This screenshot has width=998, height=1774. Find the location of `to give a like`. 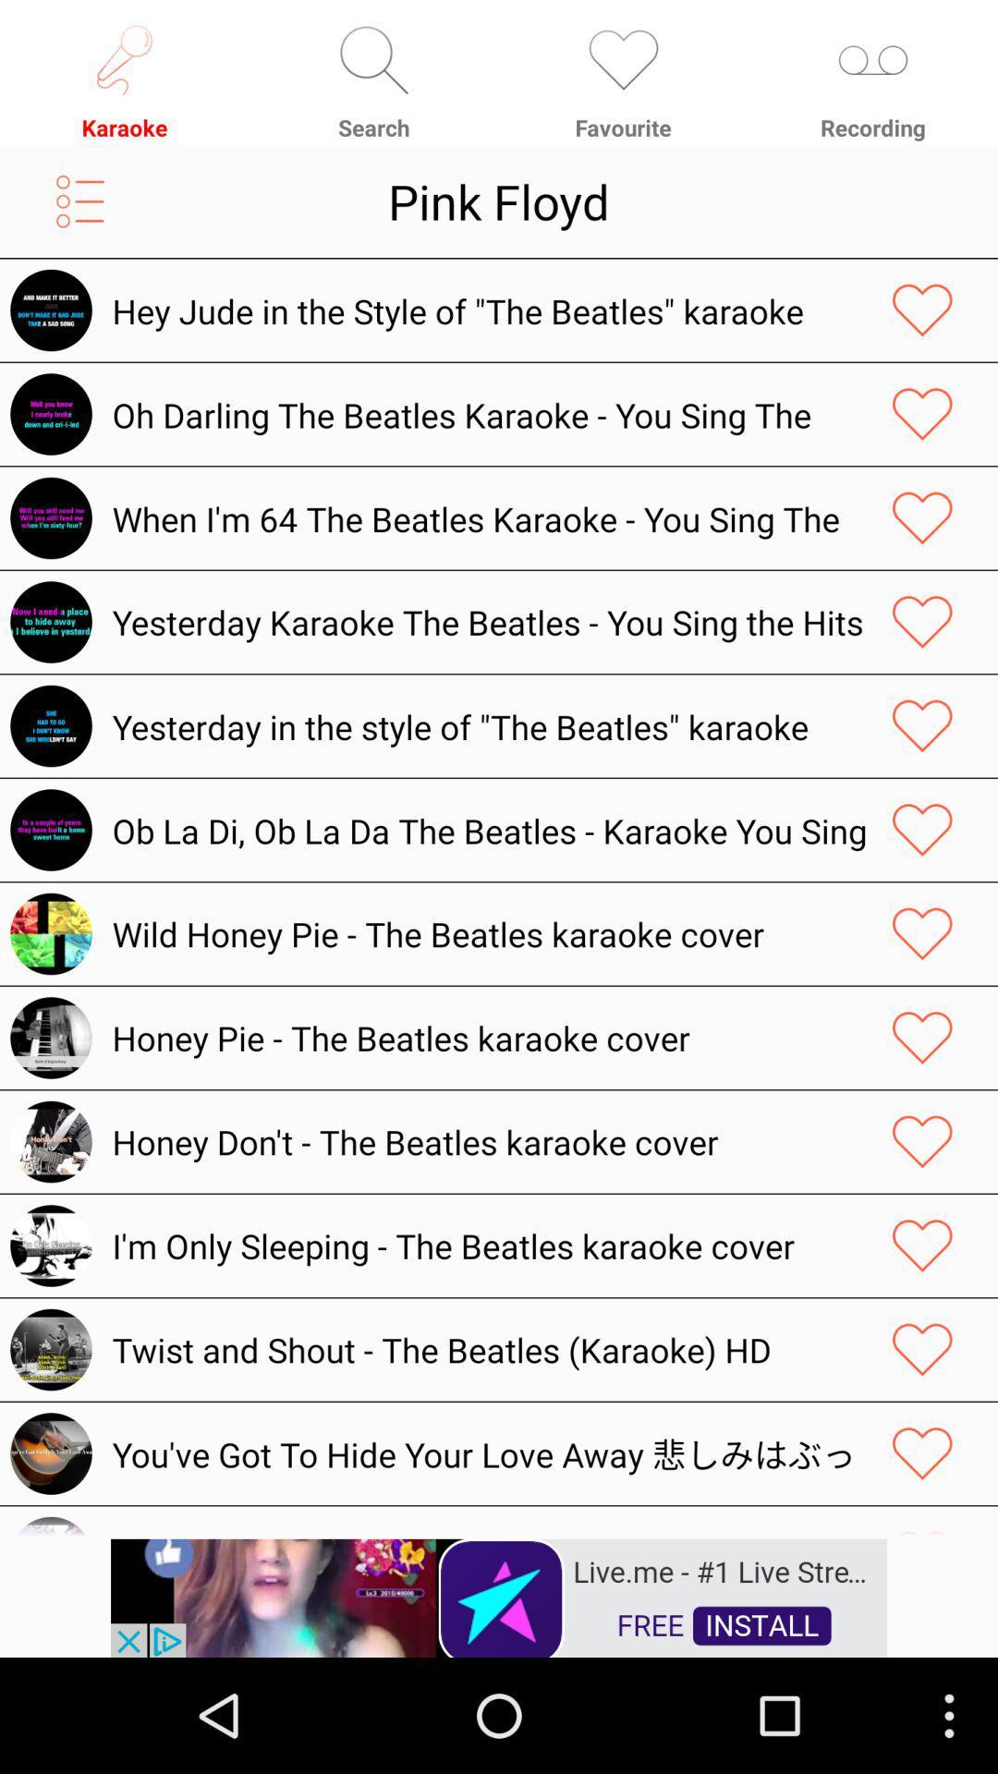

to give a like is located at coordinates (922, 1245).